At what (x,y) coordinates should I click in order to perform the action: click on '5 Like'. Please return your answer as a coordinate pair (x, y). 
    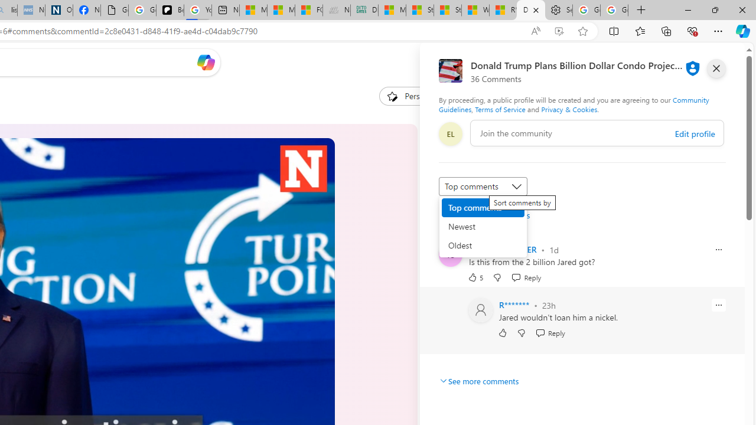
    Looking at the image, I should click on (475, 277).